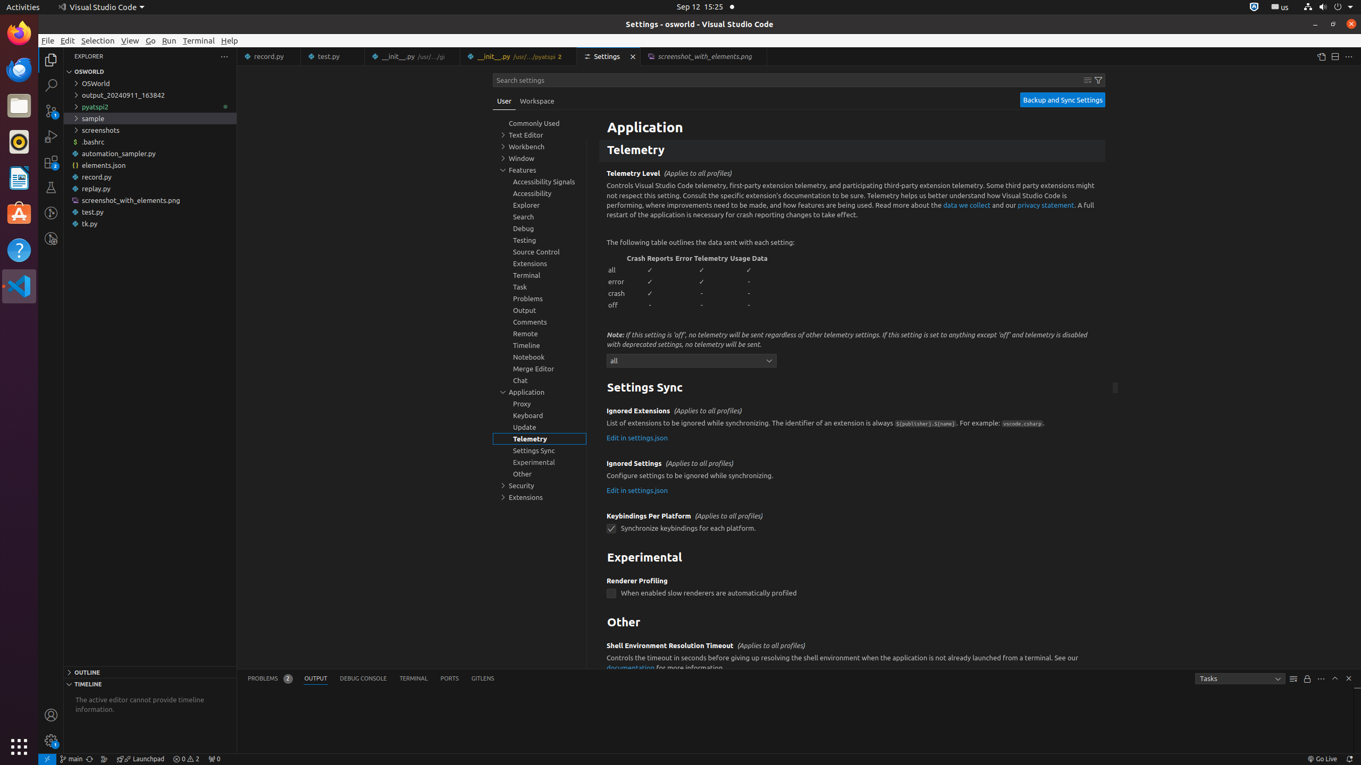 This screenshot has height=765, width=1361. Describe the element at coordinates (51, 238) in the screenshot. I see `'GitLens Inspect'` at that location.